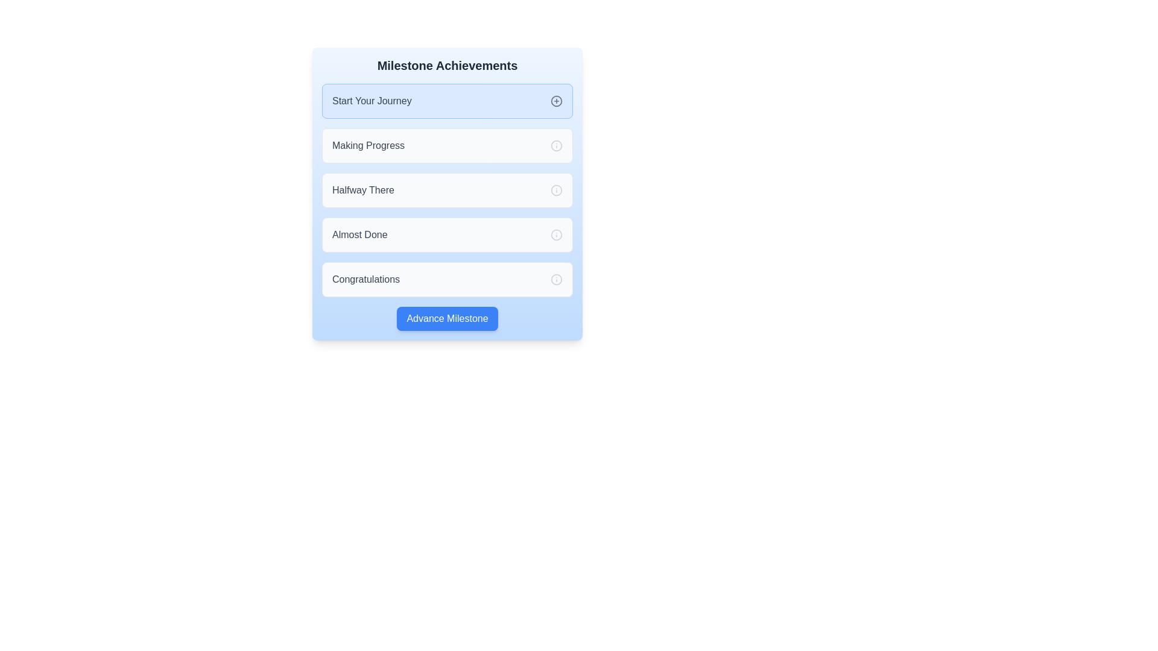 The height and width of the screenshot is (651, 1158). What do you see at coordinates (555, 279) in the screenshot?
I see `the Information icon located to the right of the 'Congratulations' text` at bounding box center [555, 279].